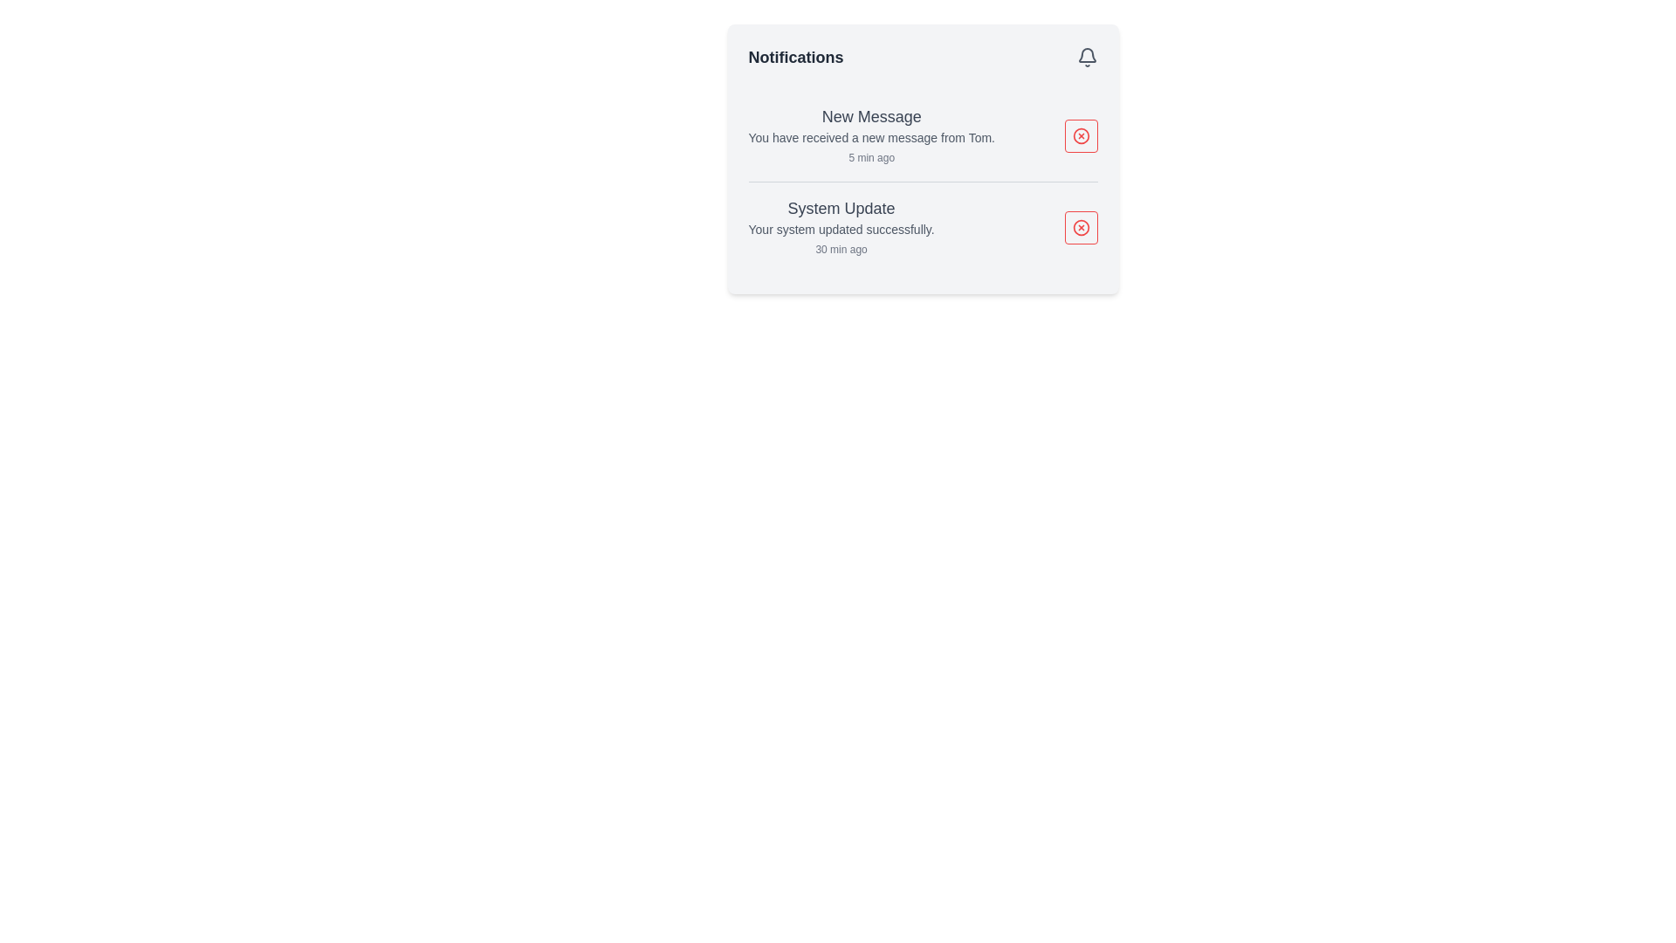  What do you see at coordinates (1086, 54) in the screenshot?
I see `the gray bell icon located at the top-right corner of the notification window, above the list of notifications` at bounding box center [1086, 54].